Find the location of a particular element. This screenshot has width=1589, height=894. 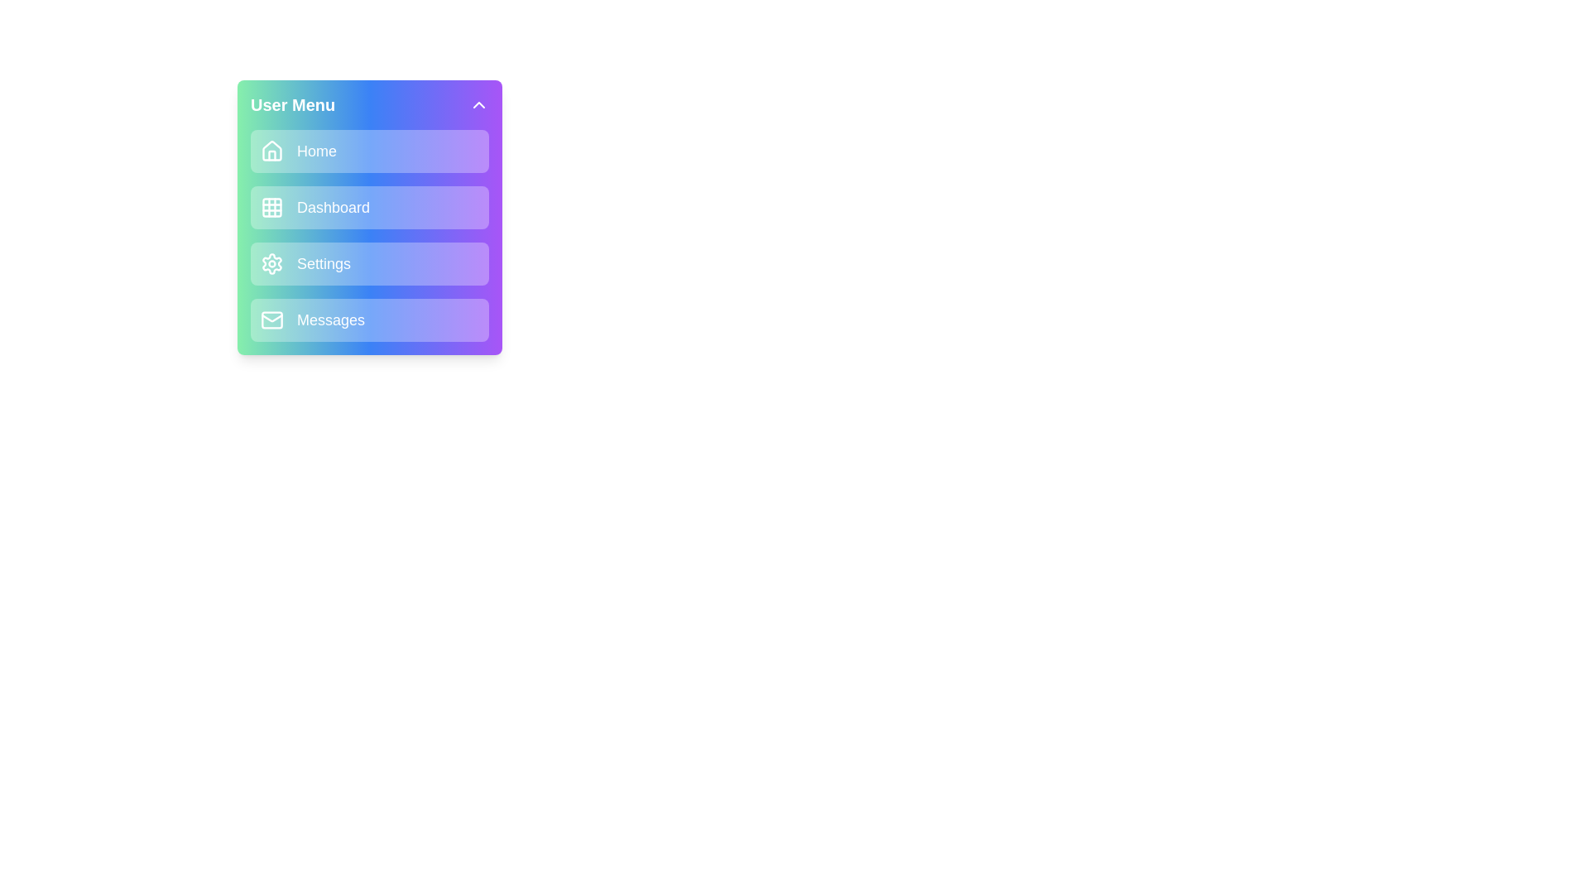

the menu item Home to navigate to its corresponding section is located at coordinates (368, 151).